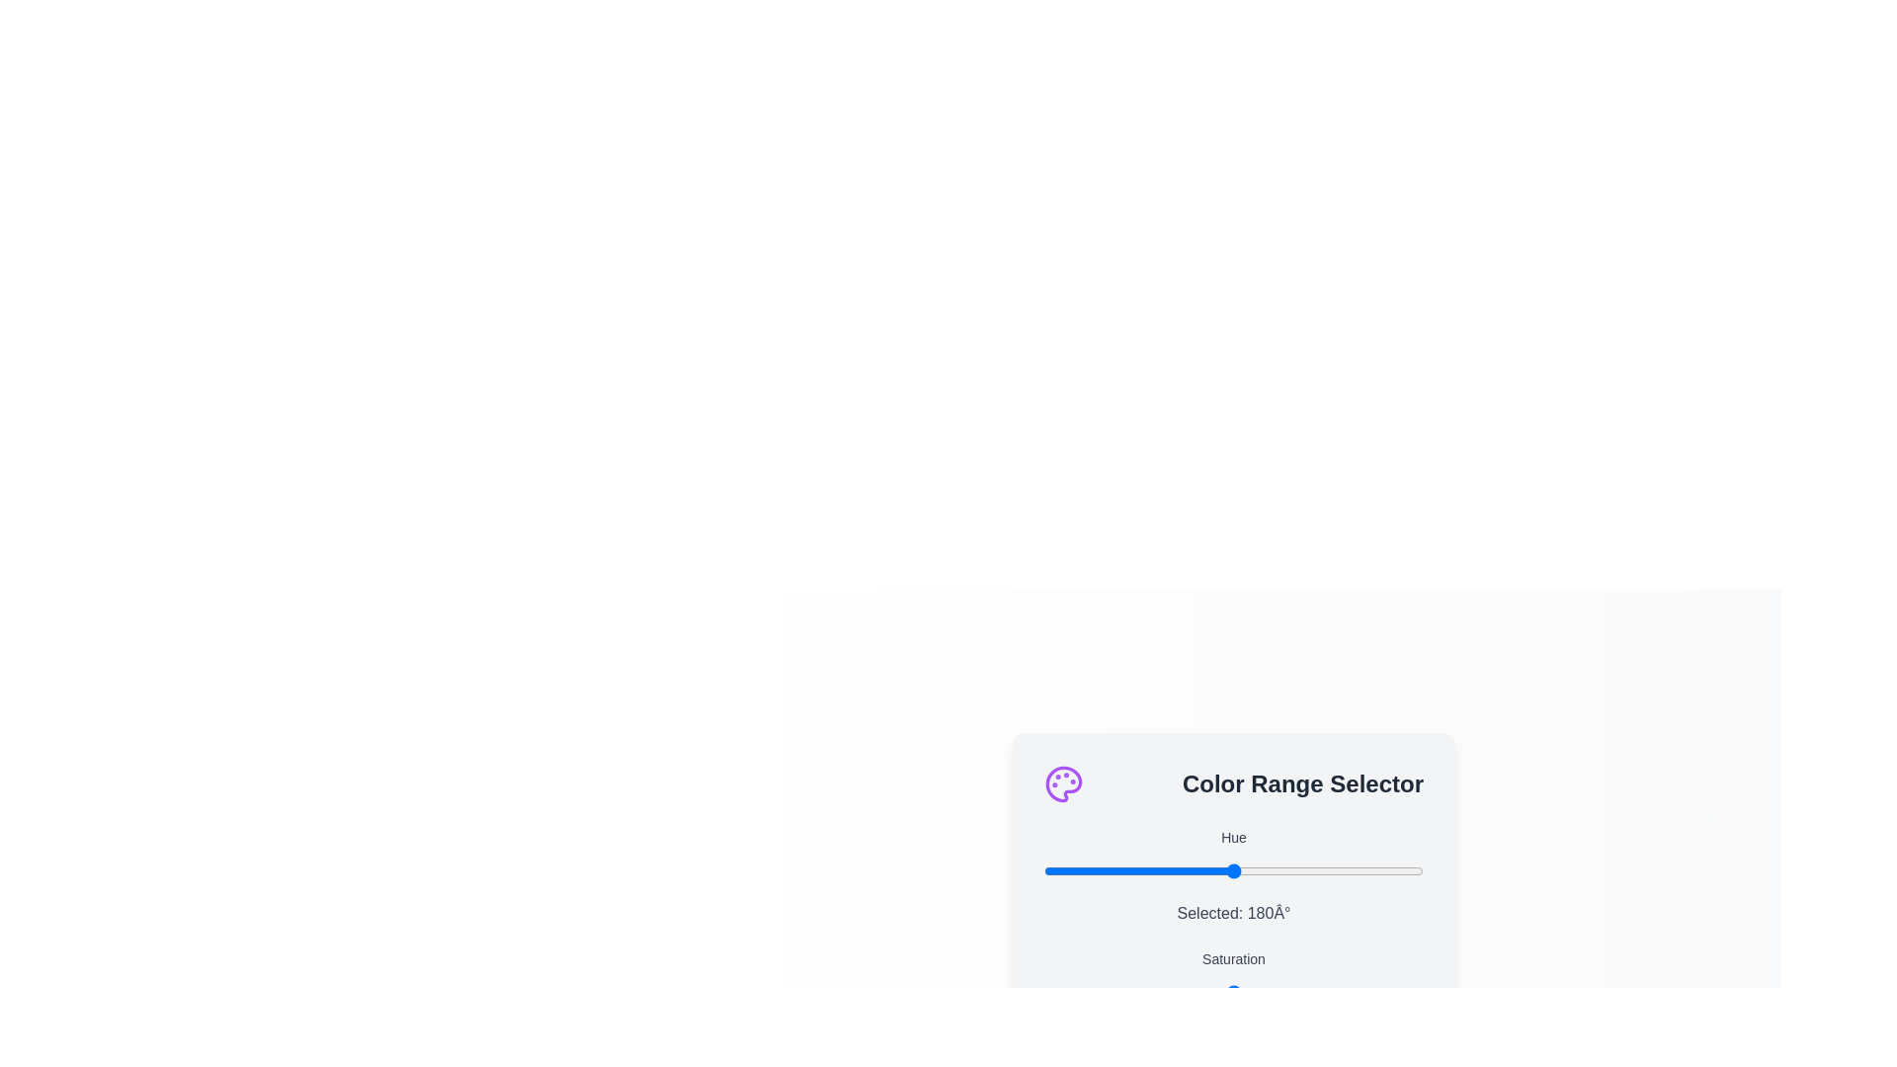 Image resolution: width=1897 pixels, height=1067 pixels. What do you see at coordinates (1221, 992) in the screenshot?
I see `the Hue value` at bounding box center [1221, 992].